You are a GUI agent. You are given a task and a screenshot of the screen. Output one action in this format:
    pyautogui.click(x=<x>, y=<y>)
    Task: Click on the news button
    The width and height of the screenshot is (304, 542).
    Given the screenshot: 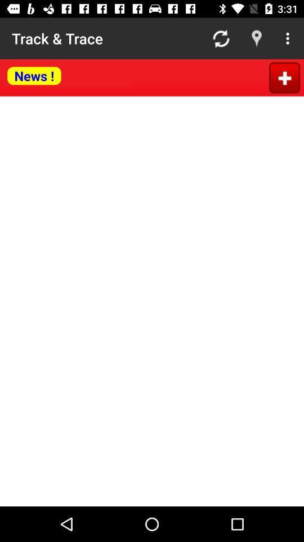 What is the action you would take?
    pyautogui.click(x=68, y=76)
    